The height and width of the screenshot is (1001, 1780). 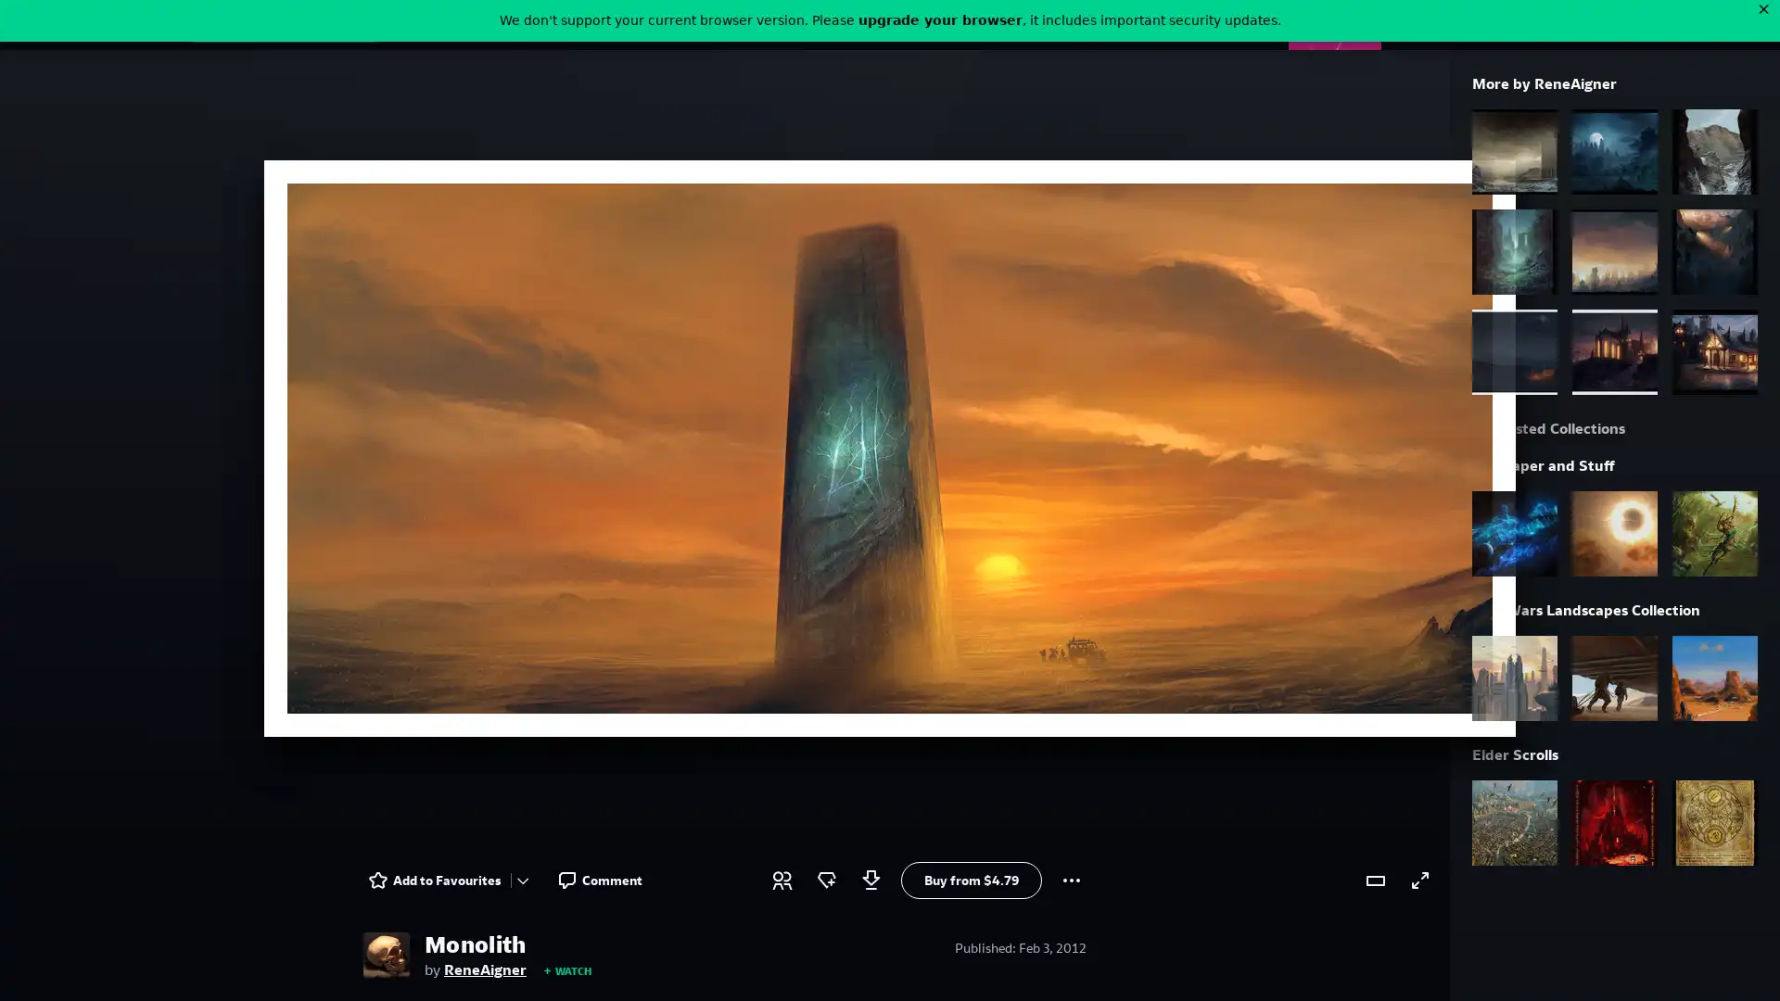 What do you see at coordinates (1617, 25) in the screenshot?
I see `User Menu` at bounding box center [1617, 25].